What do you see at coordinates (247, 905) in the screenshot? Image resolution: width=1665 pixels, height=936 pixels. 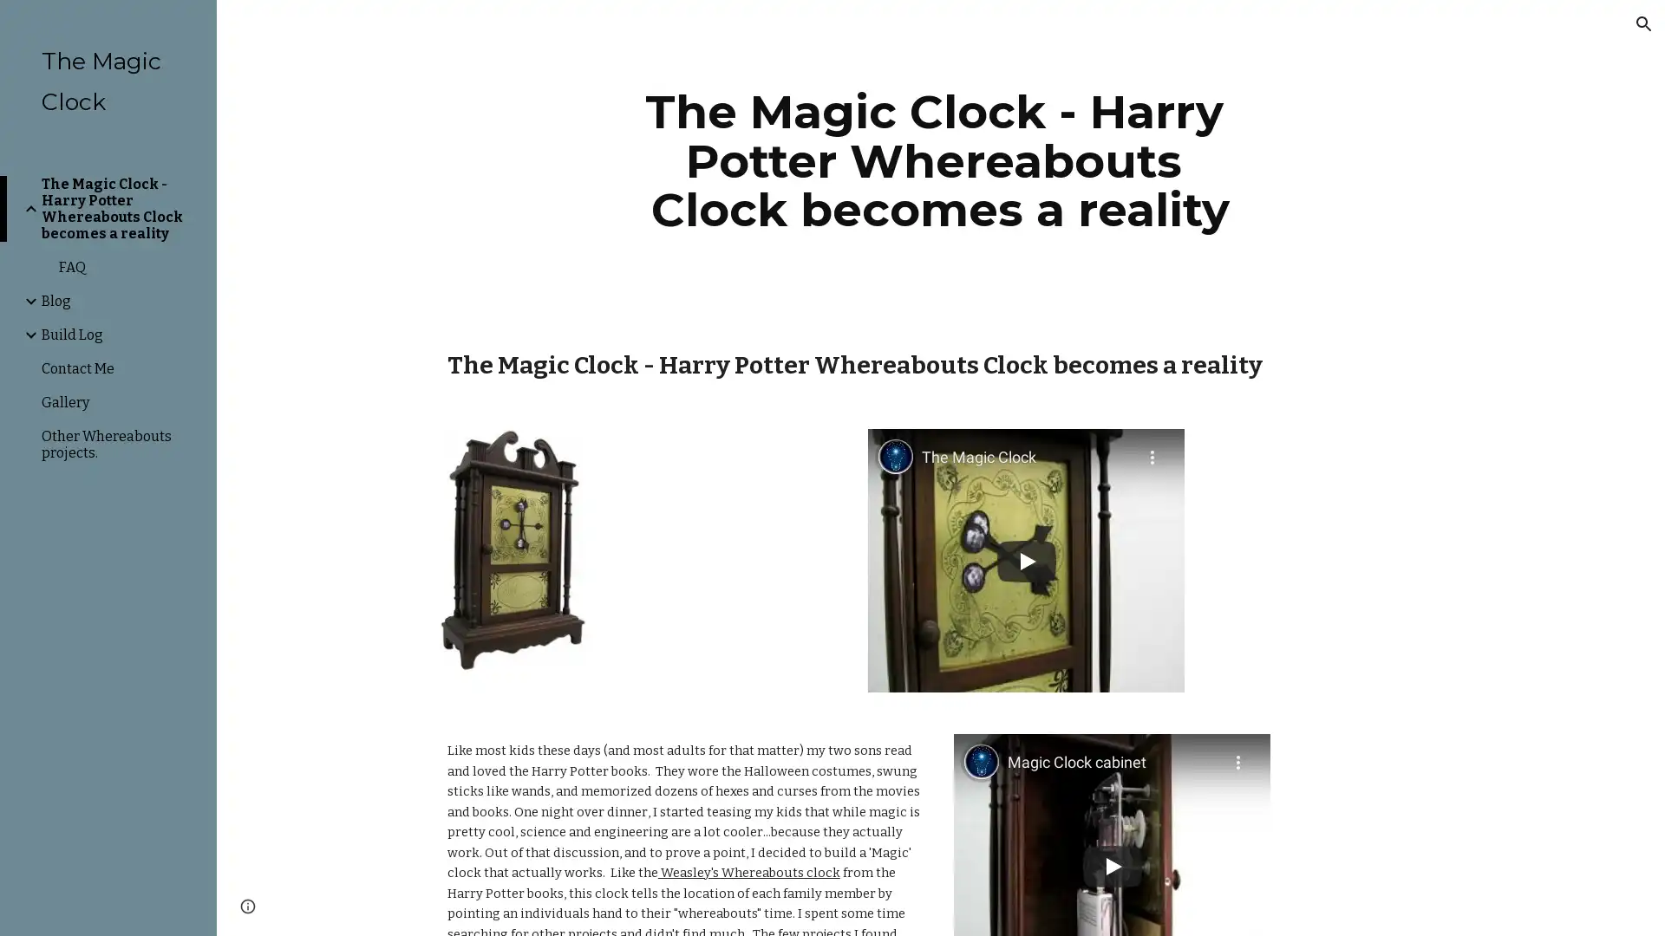 I see `Site actions` at bounding box center [247, 905].